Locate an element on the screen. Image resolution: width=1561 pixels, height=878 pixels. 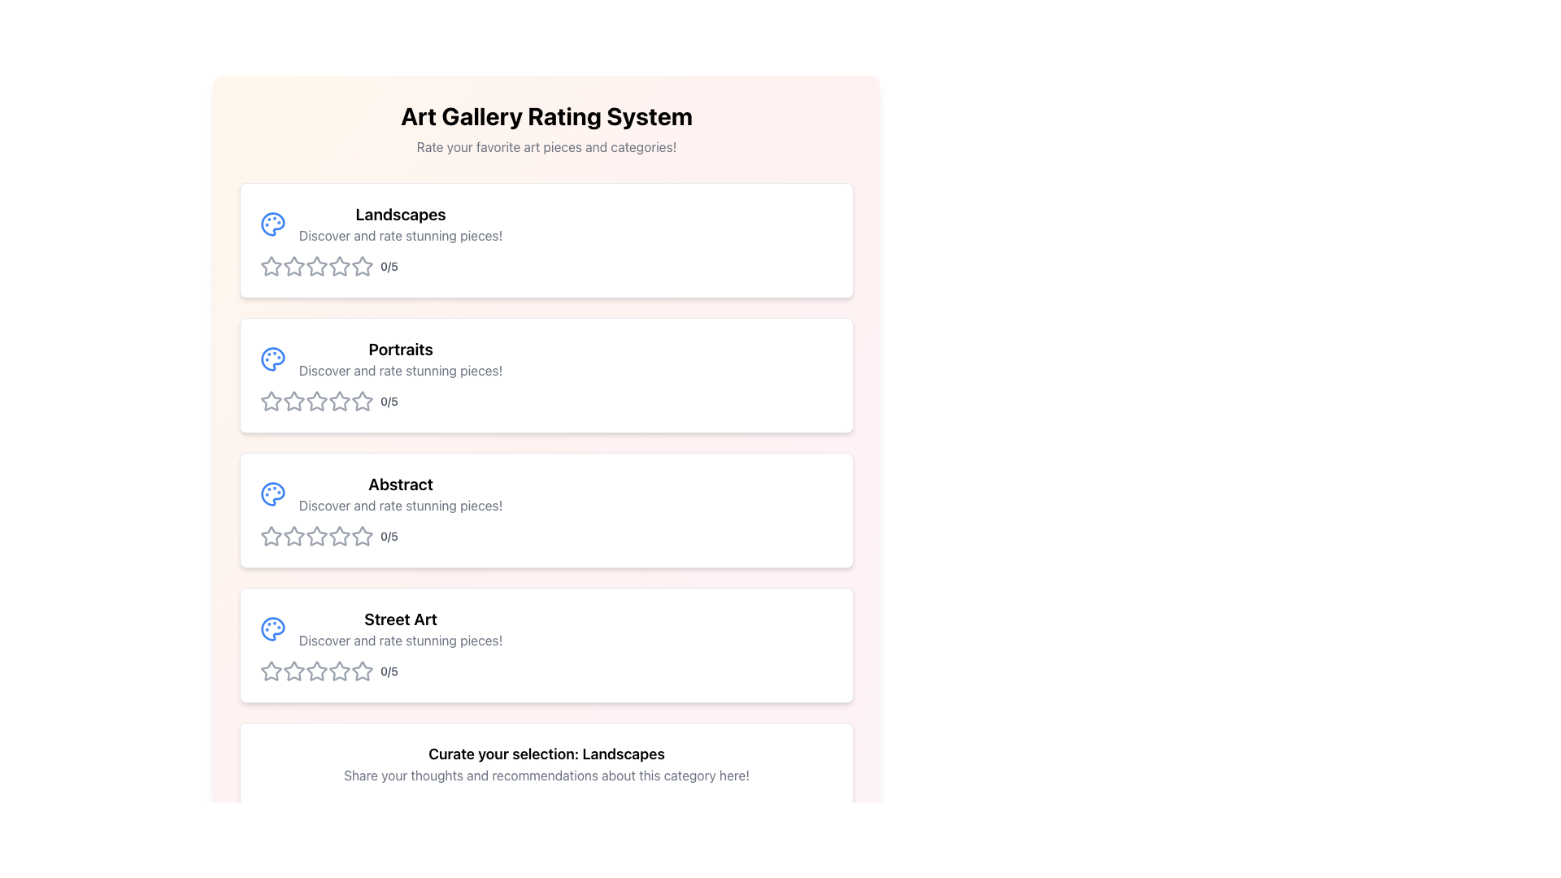
the second star rating button in the 'Abstract' section of the rating interface to rate it is located at coordinates (316, 536).